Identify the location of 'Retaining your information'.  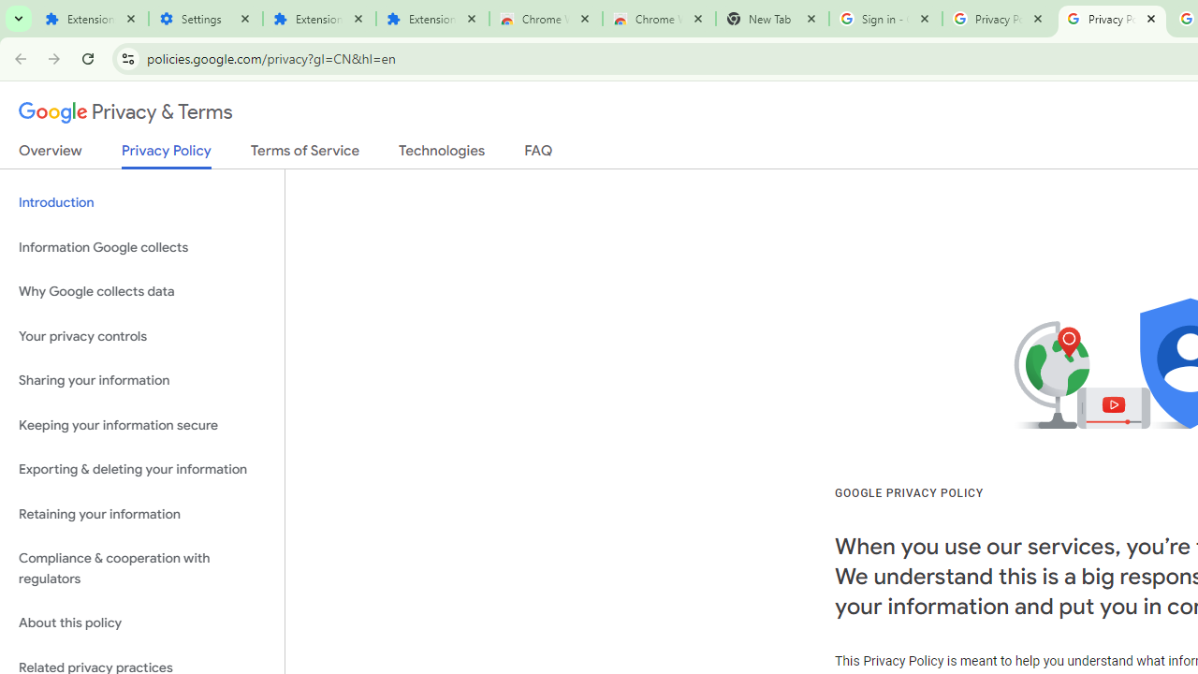
(141, 514).